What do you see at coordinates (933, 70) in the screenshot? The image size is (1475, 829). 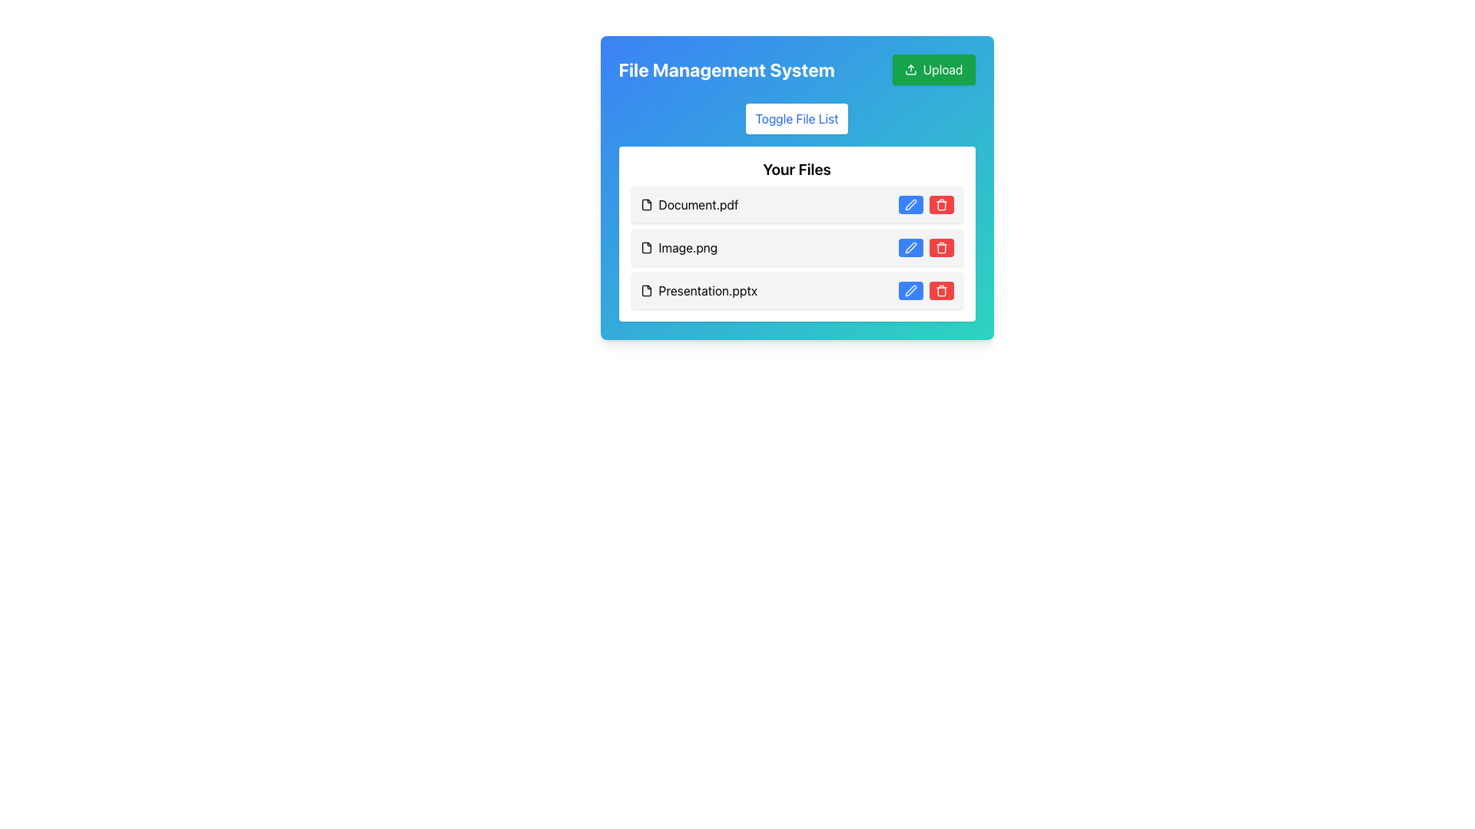 I see `the green 'Upload' button with rounded corners` at bounding box center [933, 70].